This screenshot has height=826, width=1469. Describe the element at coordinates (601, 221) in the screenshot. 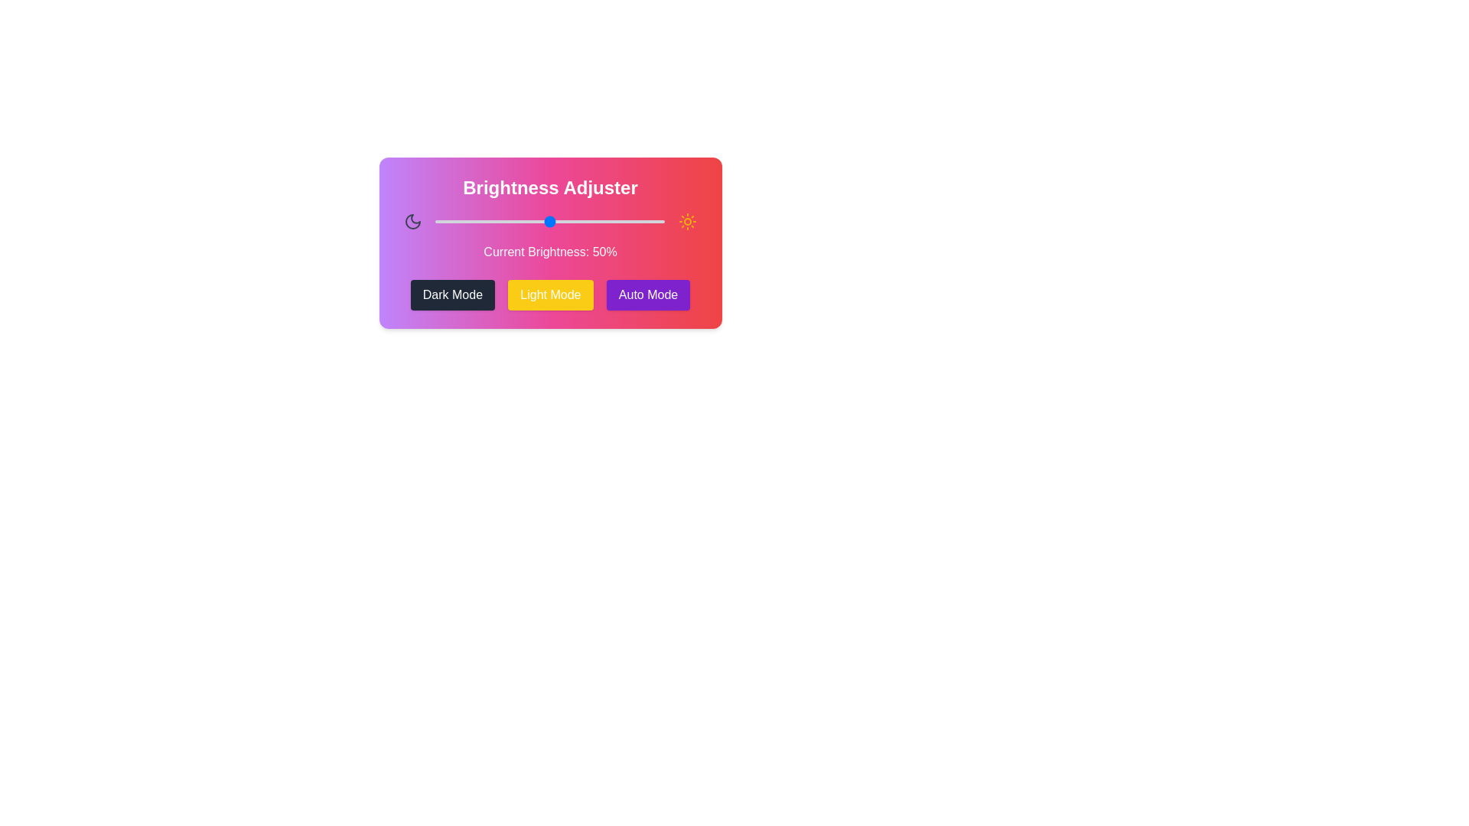

I see `the brightness slider to 73%` at that location.